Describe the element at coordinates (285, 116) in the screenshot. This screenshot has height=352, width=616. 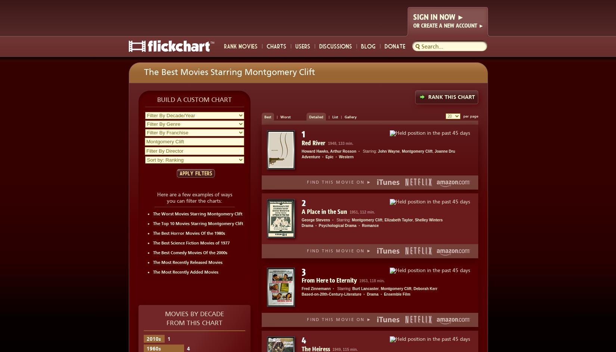
I see `'Worst'` at that location.